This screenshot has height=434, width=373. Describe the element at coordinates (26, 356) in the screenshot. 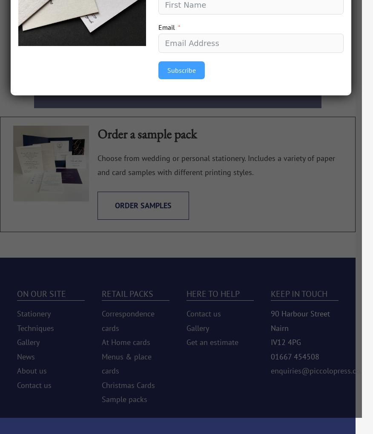

I see `'News'` at that location.